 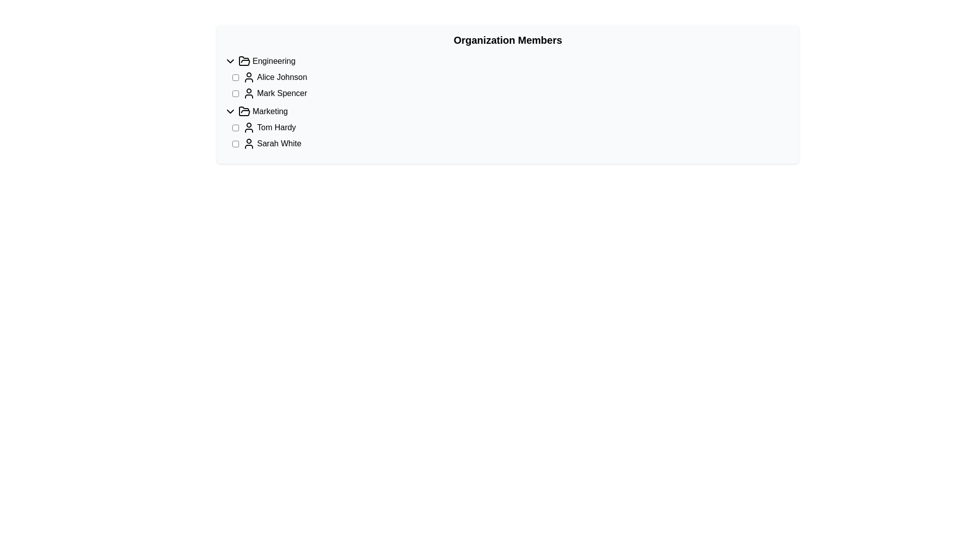 What do you see at coordinates (244, 111) in the screenshot?
I see `the 'Marketing' section icon located on the left side of the interface, which visually represents the 'Marketing' section for navigation` at bounding box center [244, 111].